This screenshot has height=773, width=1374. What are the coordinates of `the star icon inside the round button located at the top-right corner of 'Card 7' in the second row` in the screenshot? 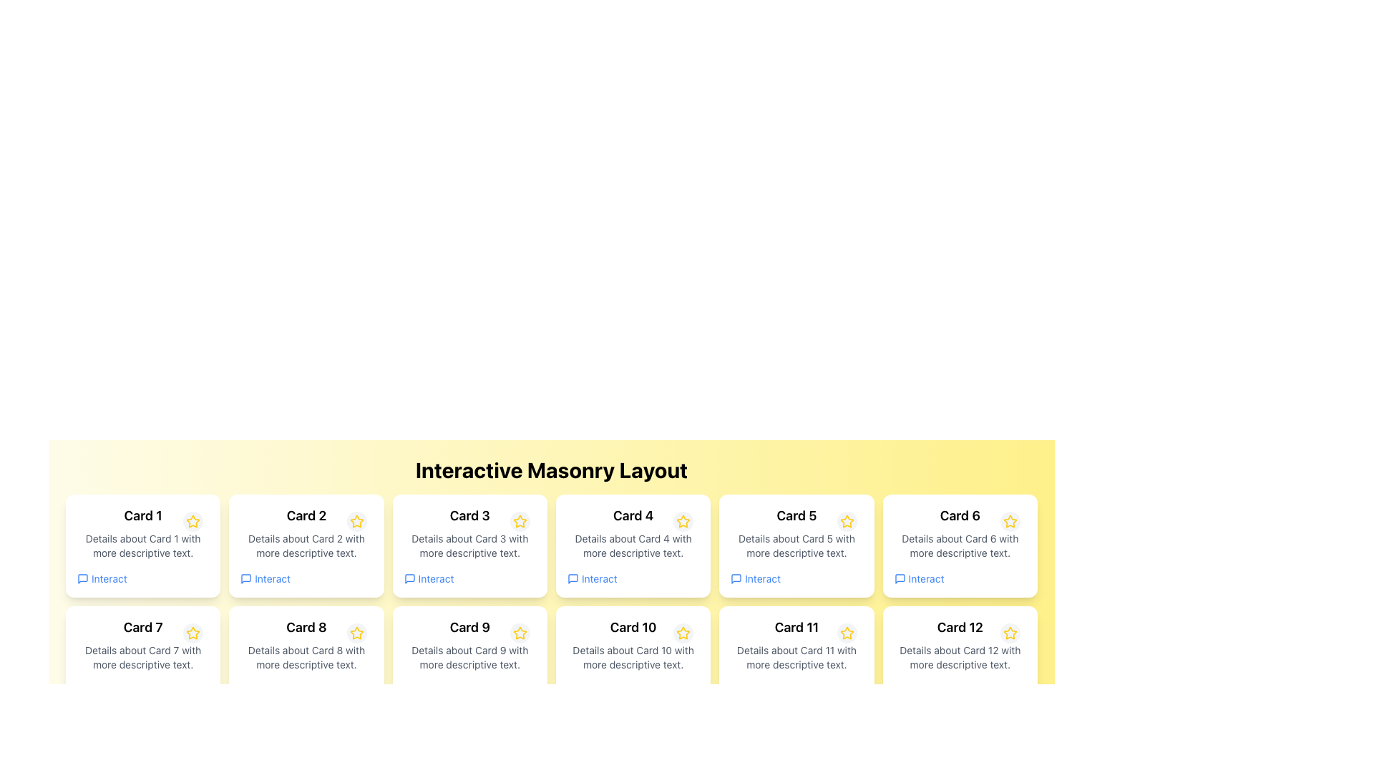 It's located at (193, 632).